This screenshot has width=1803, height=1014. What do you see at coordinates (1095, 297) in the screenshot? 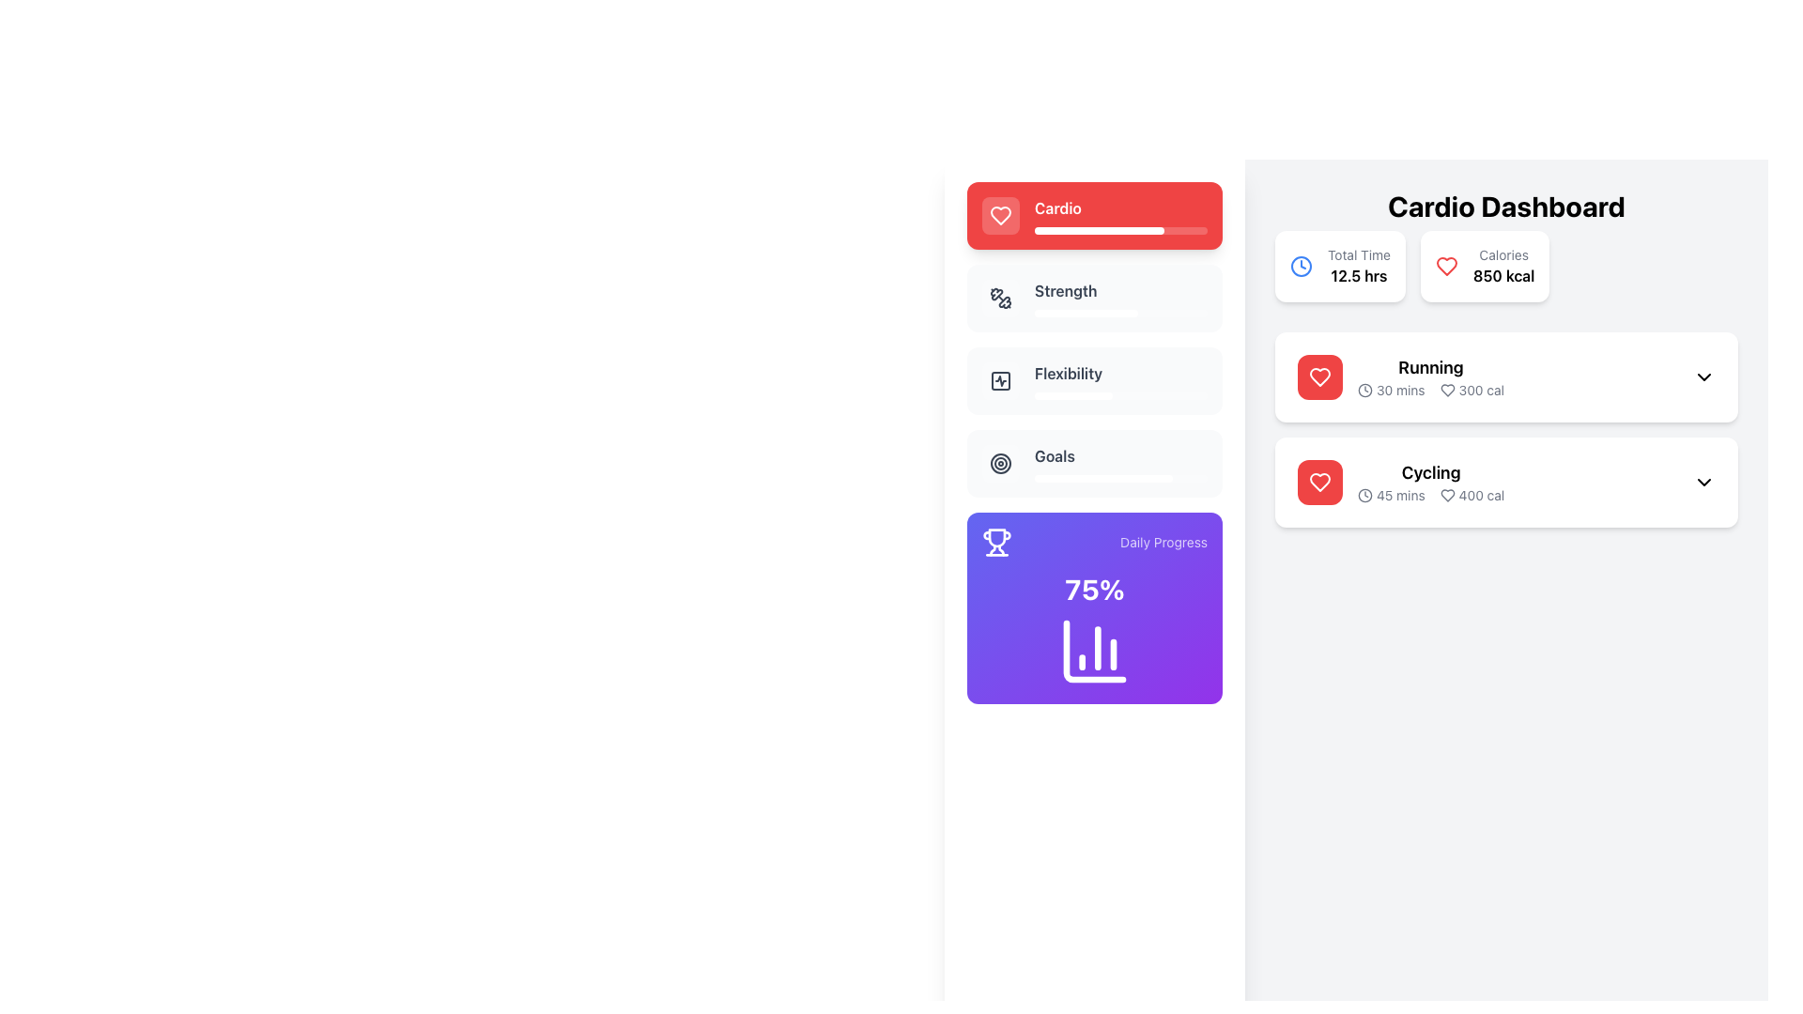
I see `the 'Strength' menu item, which features a bold label and an icon of interlocked links, located in the left menu panel between 'Cardio' and 'Flexibility'` at bounding box center [1095, 297].